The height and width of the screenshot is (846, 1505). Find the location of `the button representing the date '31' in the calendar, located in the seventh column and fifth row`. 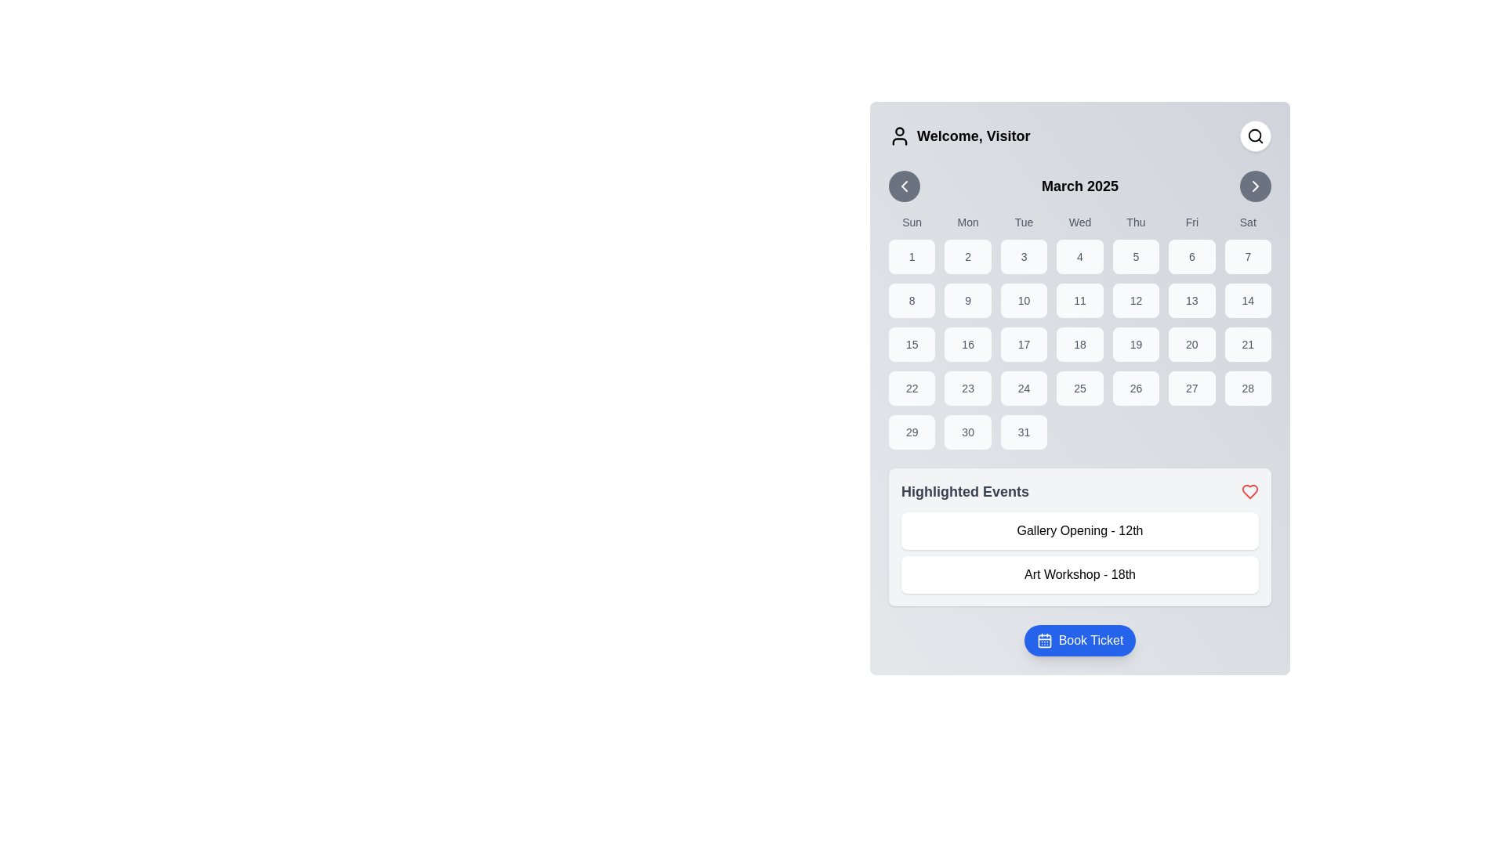

the button representing the date '31' in the calendar, located in the seventh column and fifth row is located at coordinates (1024, 432).